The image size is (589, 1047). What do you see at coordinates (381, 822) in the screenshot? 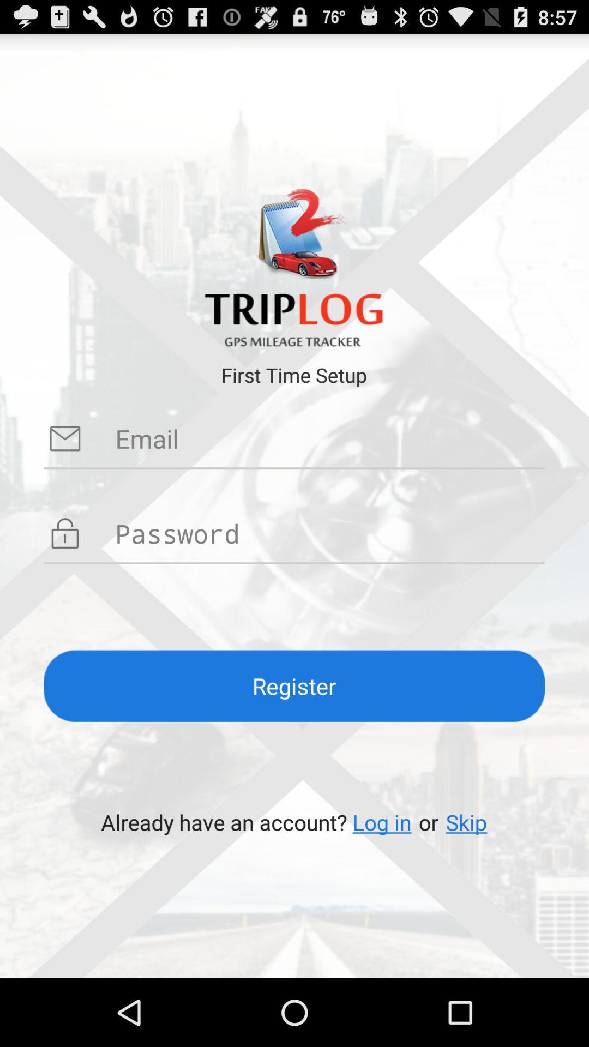
I see `the item next to the already have an item` at bounding box center [381, 822].